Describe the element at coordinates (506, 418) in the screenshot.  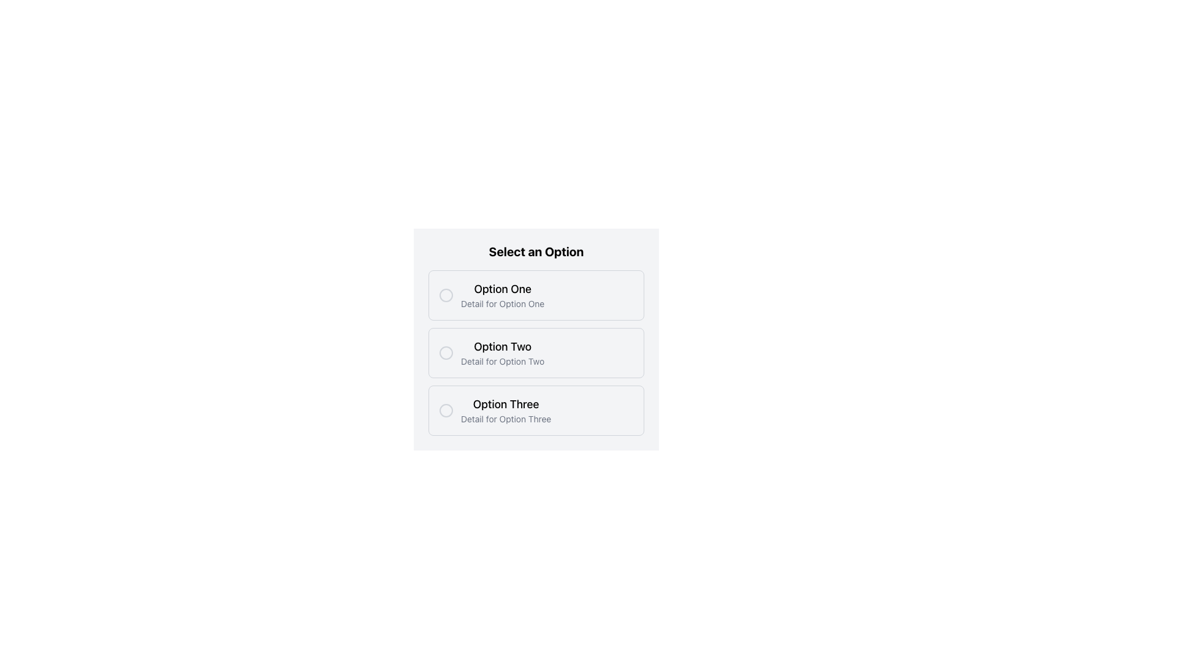
I see `the static text element displaying 'Detail for Option Three', which is located below the 'Option Three' label` at that location.